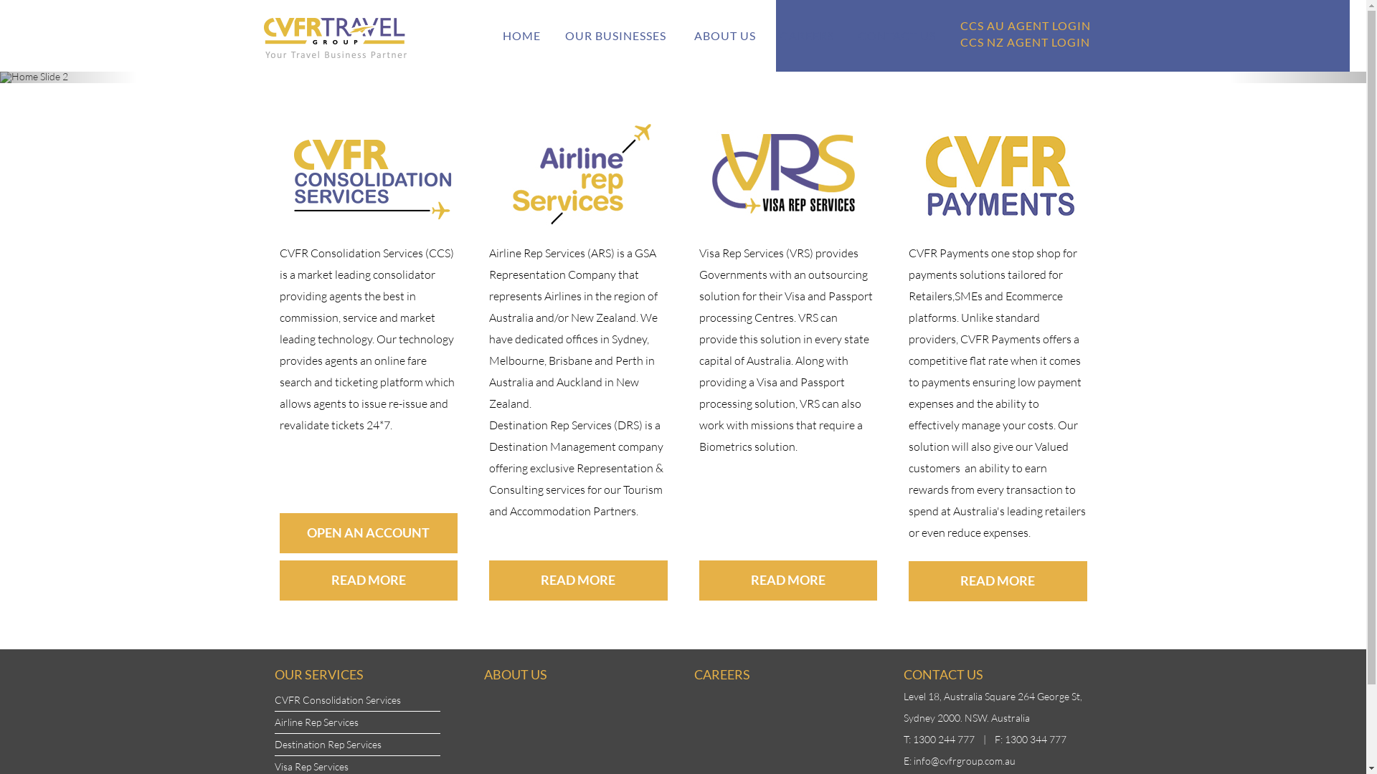 The height and width of the screenshot is (774, 1377). I want to click on 'ABOUT US', so click(681, 35).